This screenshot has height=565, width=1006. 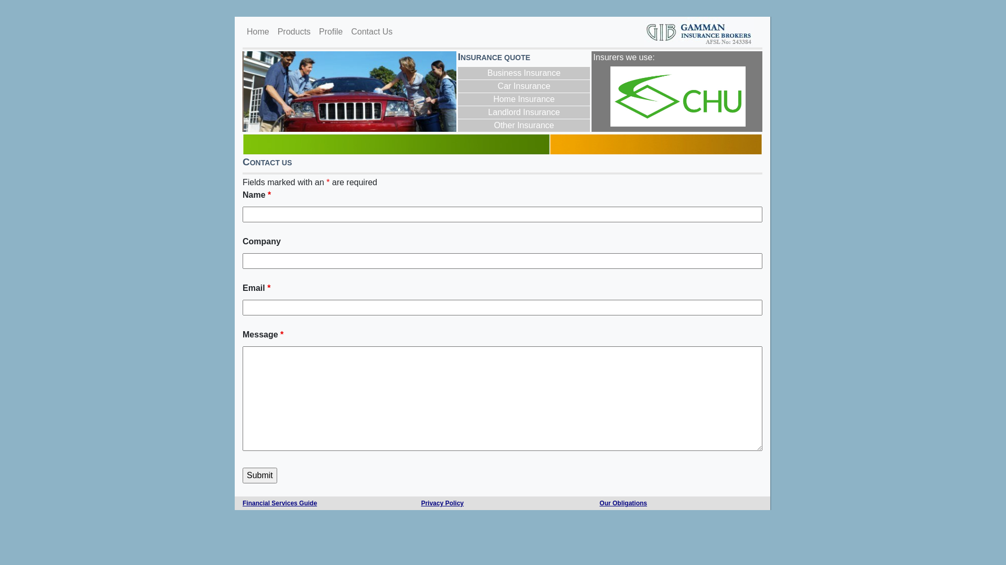 What do you see at coordinates (314, 31) in the screenshot?
I see `'Profile'` at bounding box center [314, 31].